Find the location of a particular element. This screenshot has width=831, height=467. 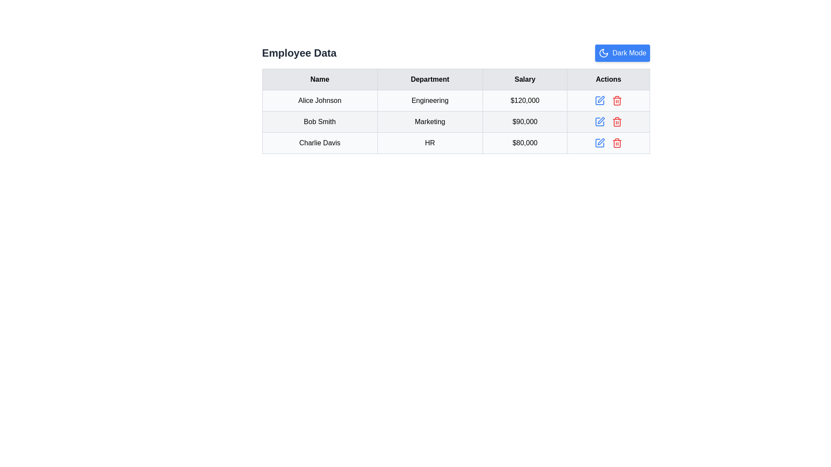

the 'Salary' table header cell, which is the third header in a row of four, indicating the column for employee salaries is located at coordinates (525, 80).